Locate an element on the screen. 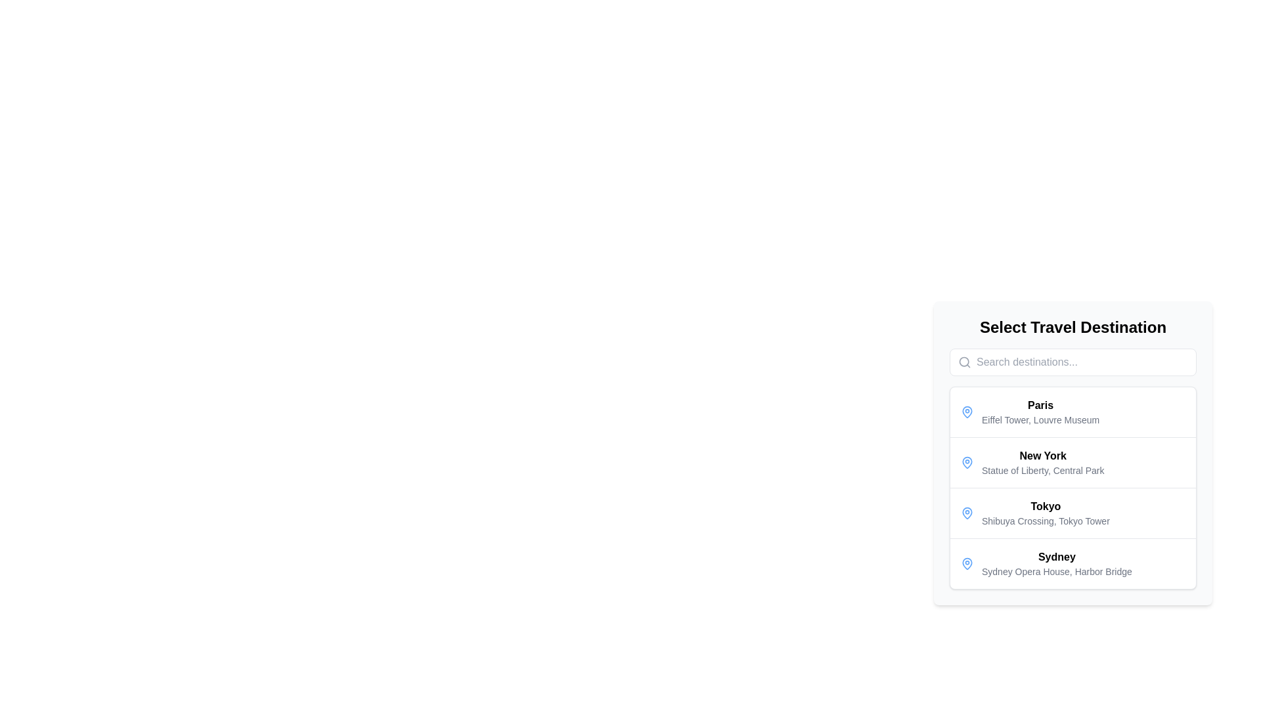 The image size is (1261, 709). on the list item displaying 'New York' in bold, which is the second item in the 'Select Travel Destination' panel is located at coordinates (1042, 462).